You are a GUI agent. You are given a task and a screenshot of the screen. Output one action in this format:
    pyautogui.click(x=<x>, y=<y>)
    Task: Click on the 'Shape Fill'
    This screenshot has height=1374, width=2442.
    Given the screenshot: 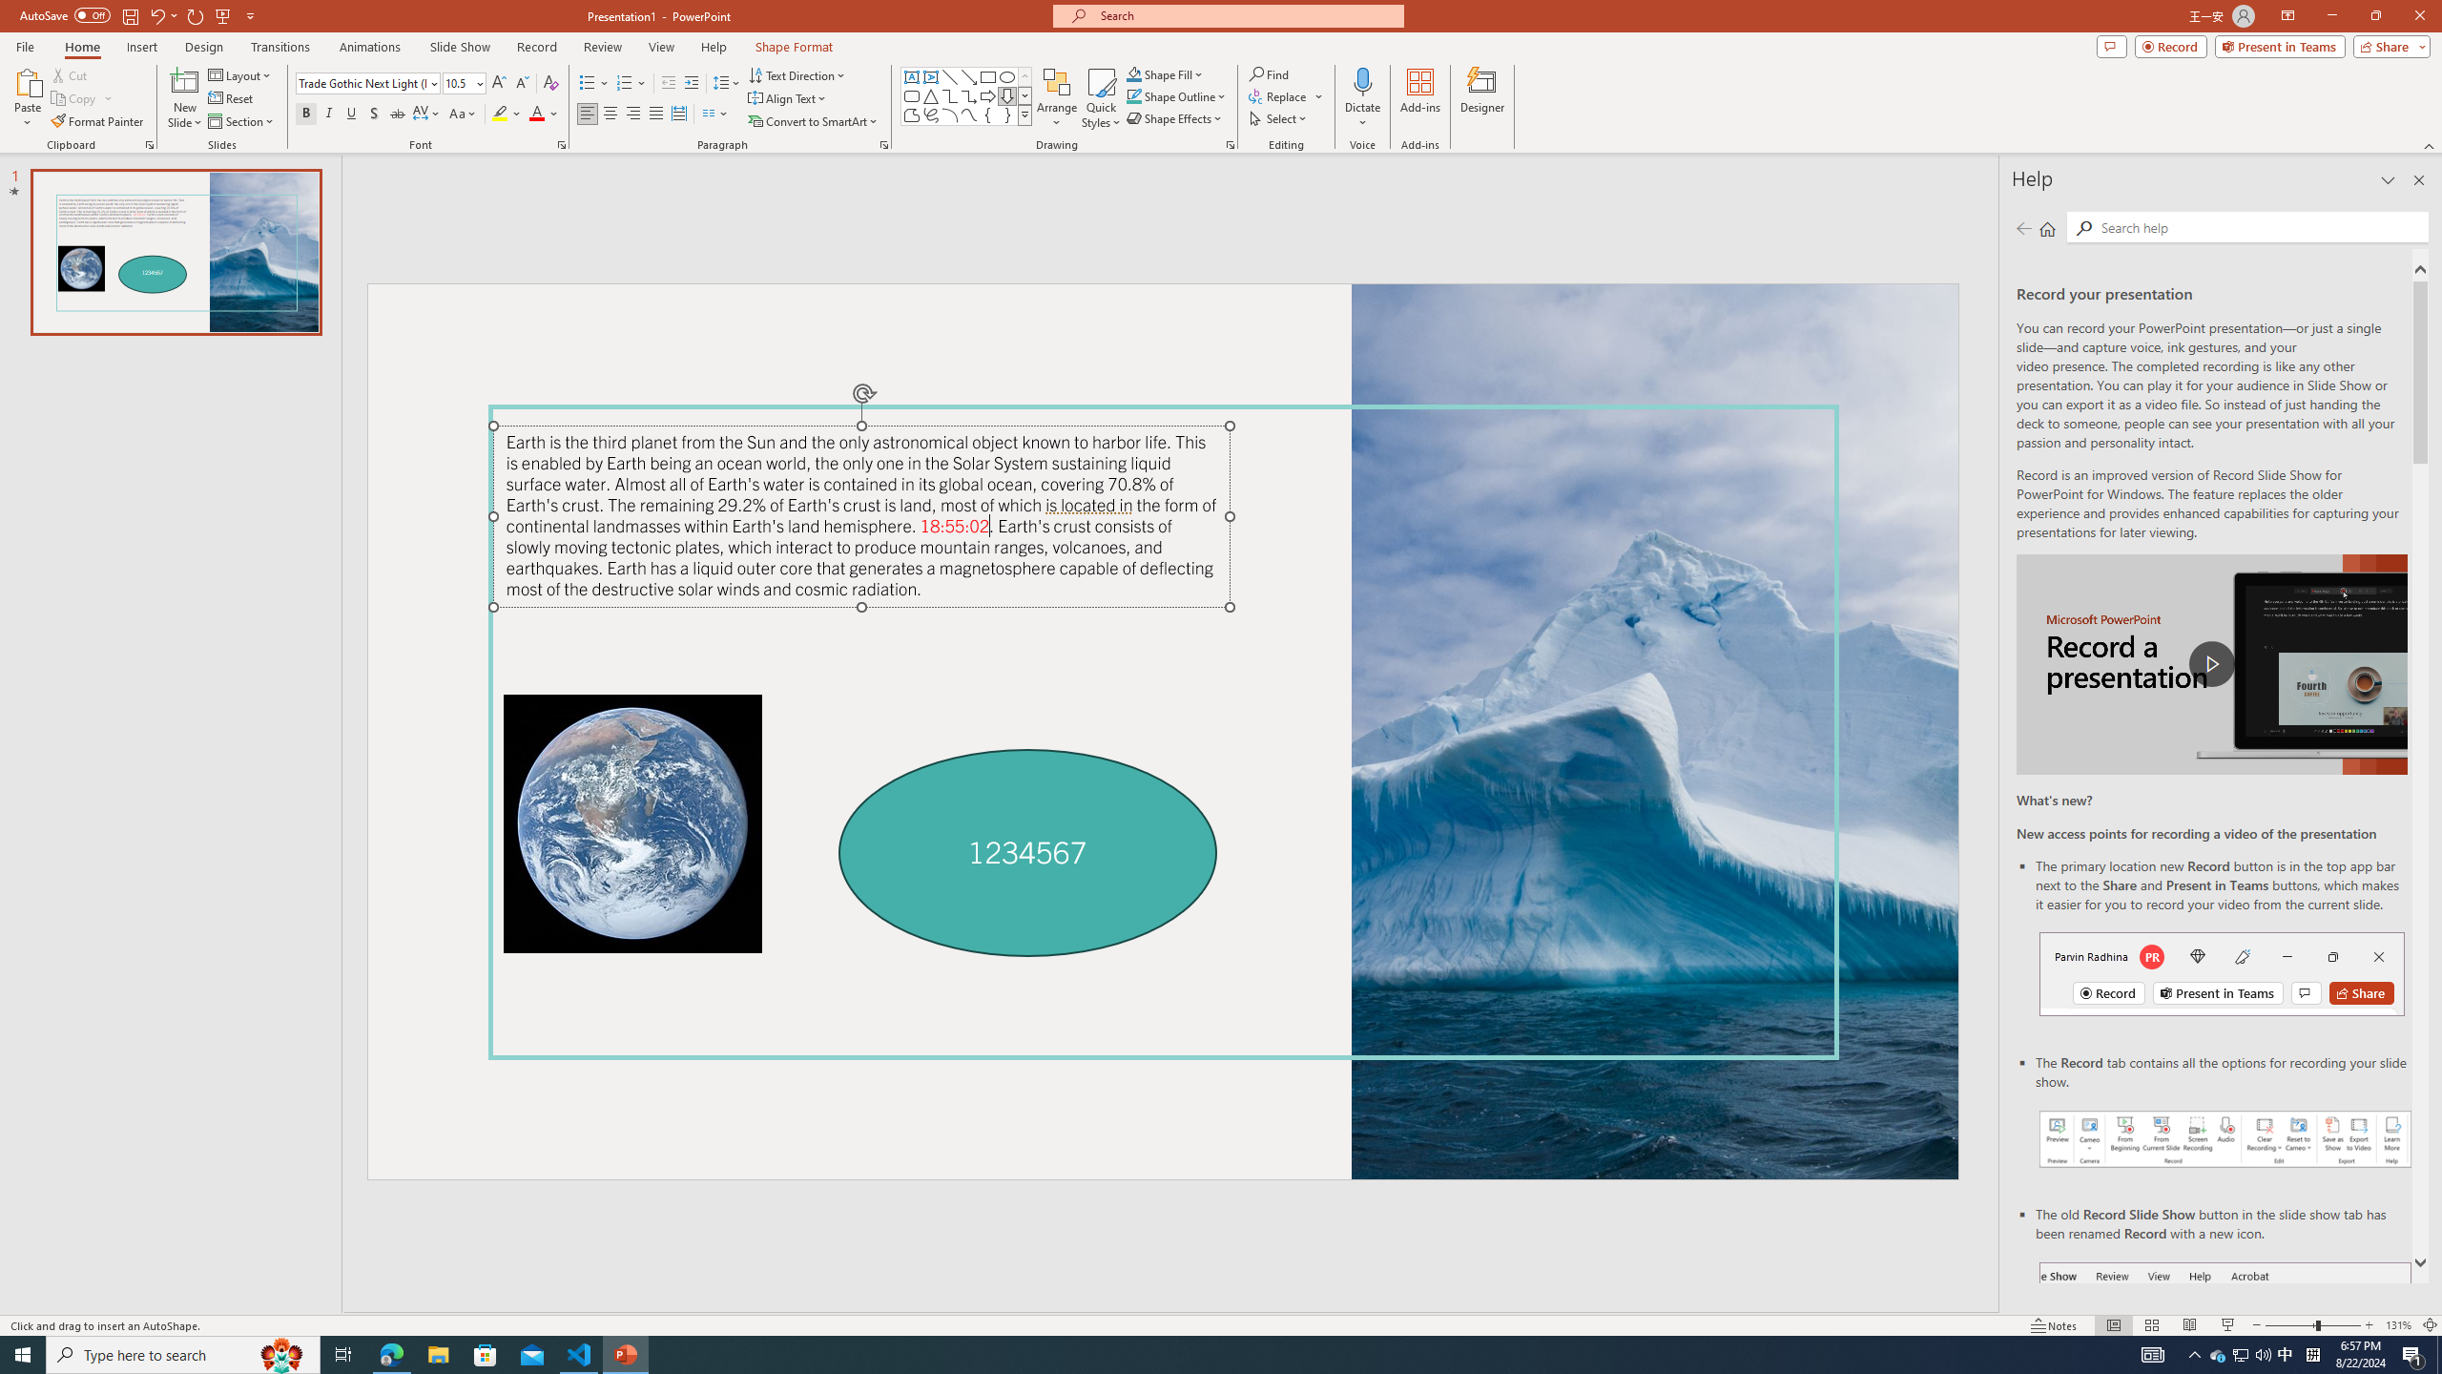 What is the action you would take?
    pyautogui.click(x=1166, y=73)
    